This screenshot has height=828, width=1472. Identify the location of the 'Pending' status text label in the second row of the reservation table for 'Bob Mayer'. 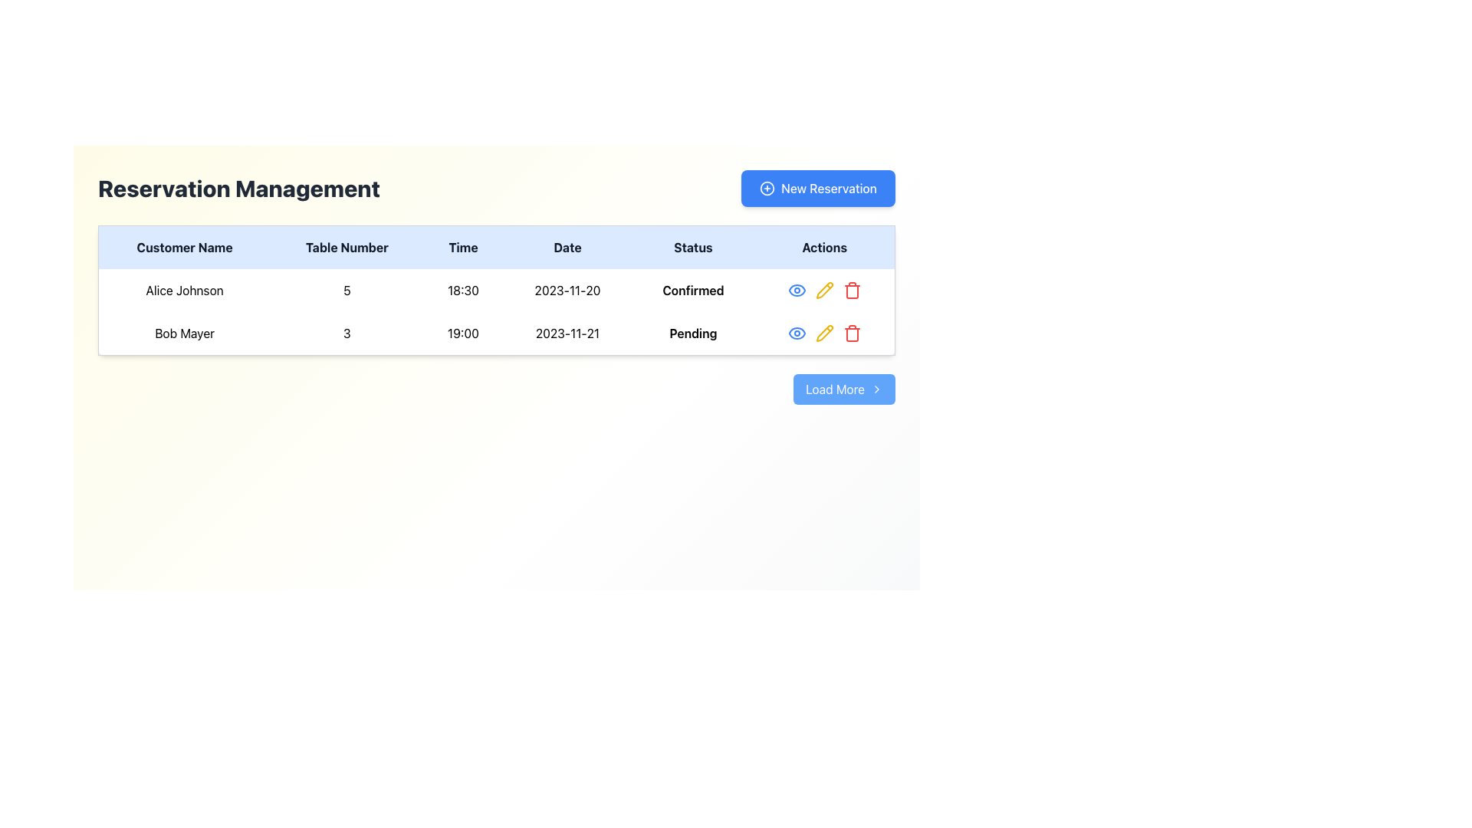
(692, 333).